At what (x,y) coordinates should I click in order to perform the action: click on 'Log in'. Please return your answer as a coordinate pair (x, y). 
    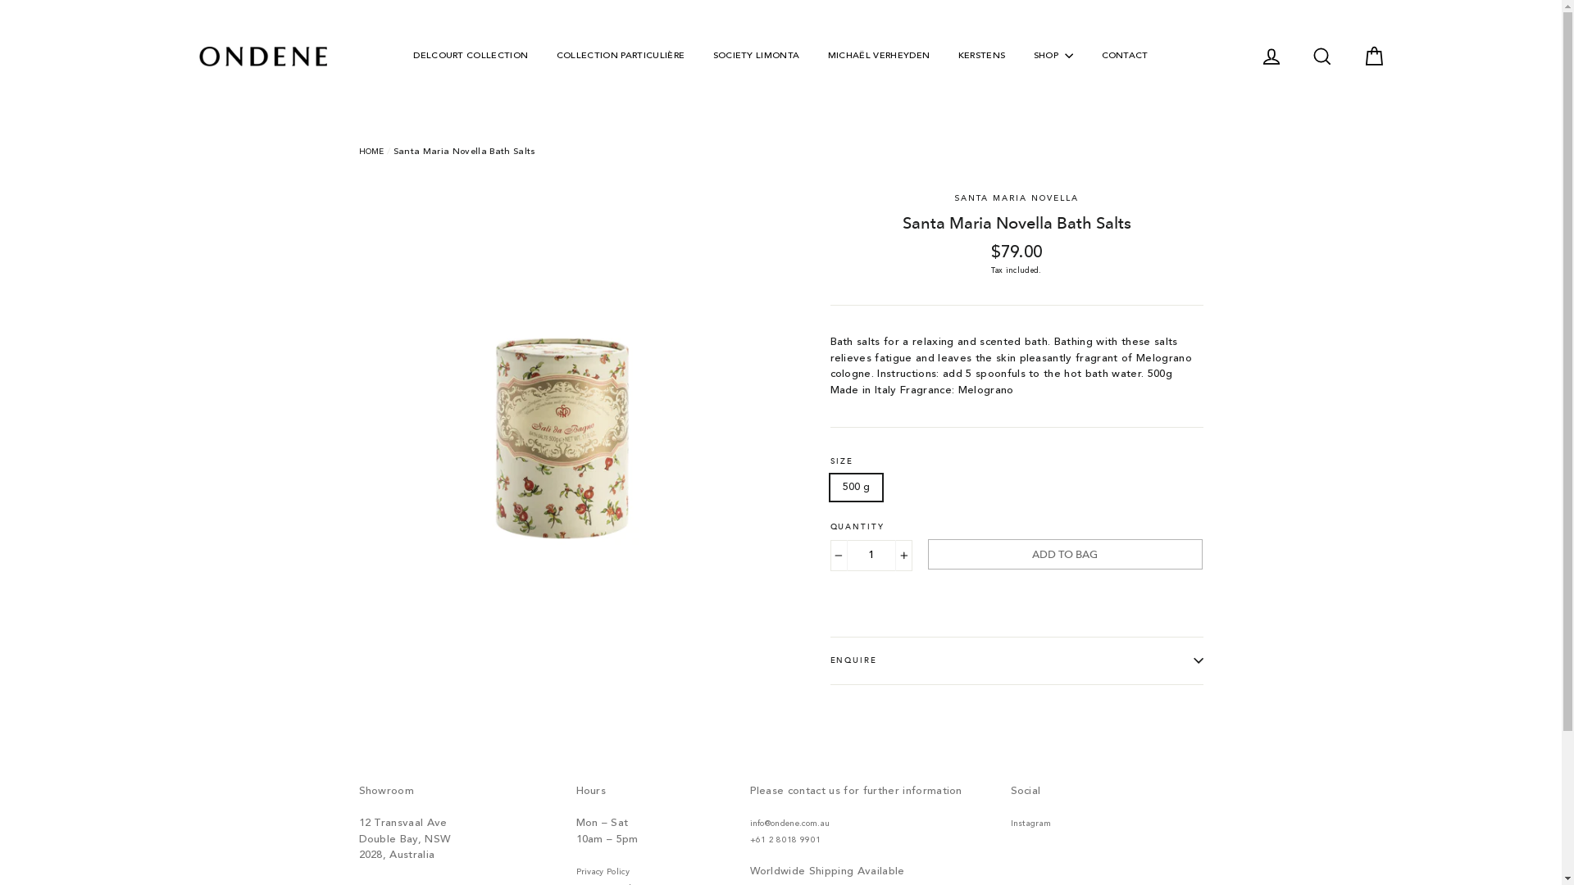
    Looking at the image, I should click on (1270, 56).